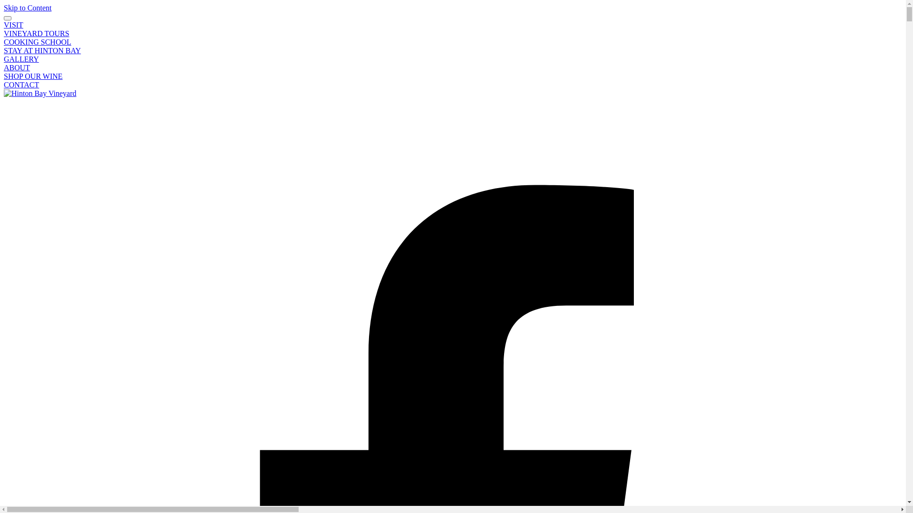 Image resolution: width=913 pixels, height=513 pixels. Describe the element at coordinates (36, 33) in the screenshot. I see `'VINEYARD TOURS'` at that location.